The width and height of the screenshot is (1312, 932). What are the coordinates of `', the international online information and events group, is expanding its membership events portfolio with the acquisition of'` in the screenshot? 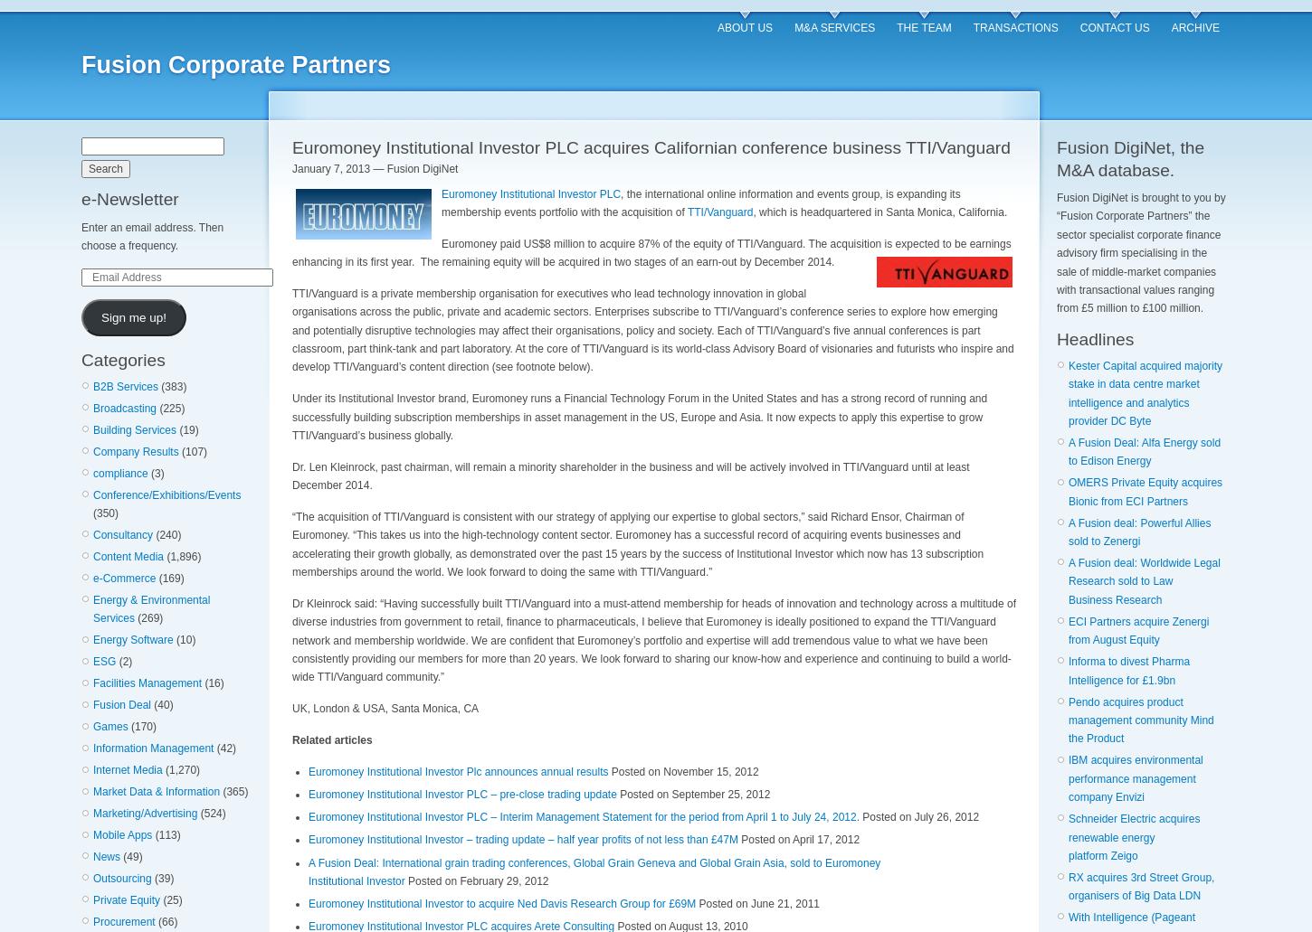 It's located at (442, 202).